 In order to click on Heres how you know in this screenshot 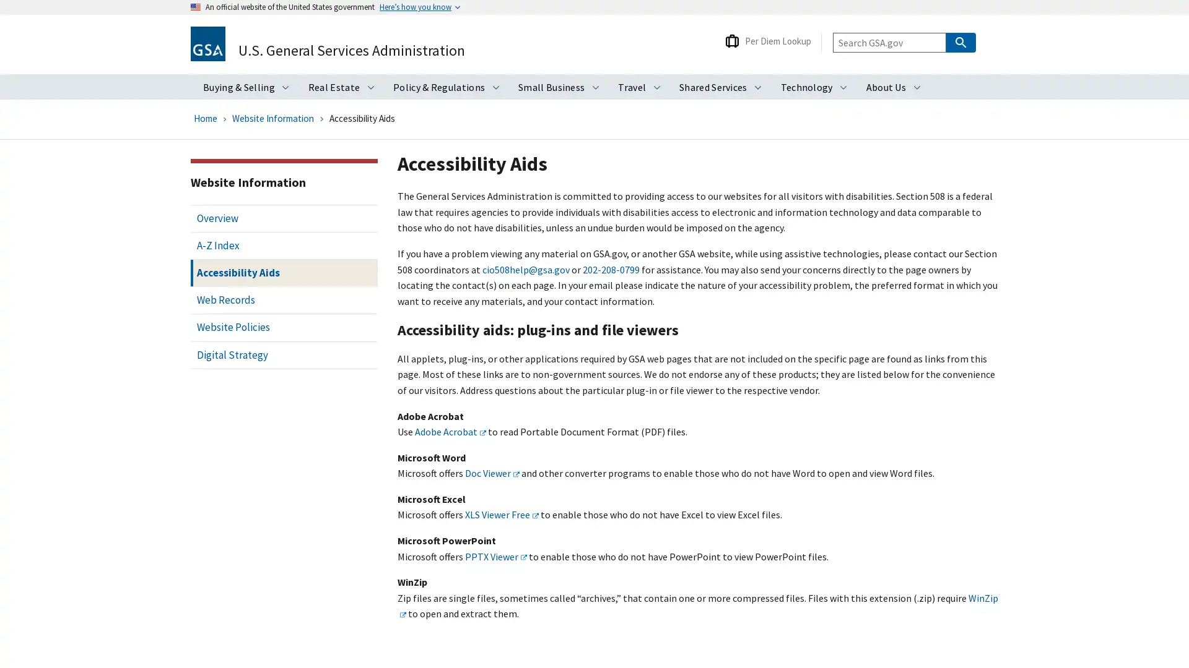, I will do `click(416, 7)`.